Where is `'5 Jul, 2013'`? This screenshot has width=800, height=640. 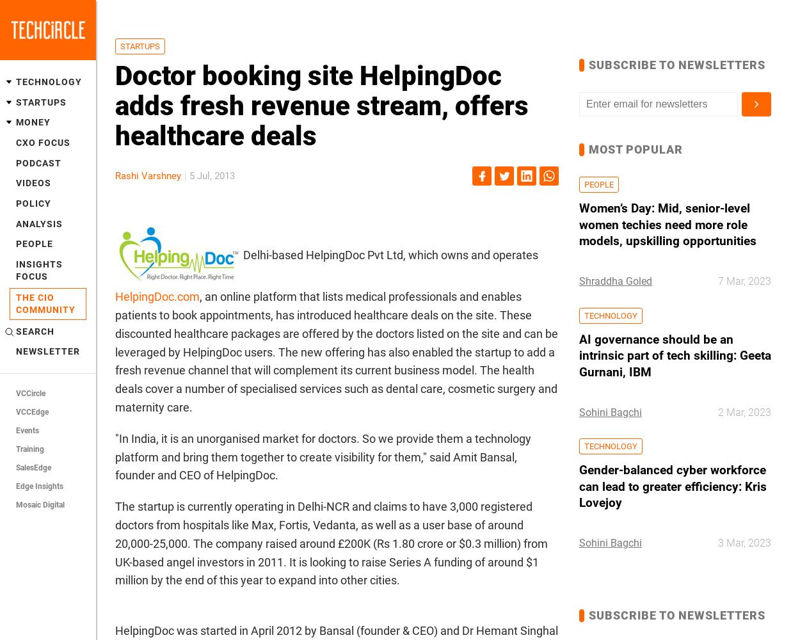 '5 Jul, 2013' is located at coordinates (211, 176).